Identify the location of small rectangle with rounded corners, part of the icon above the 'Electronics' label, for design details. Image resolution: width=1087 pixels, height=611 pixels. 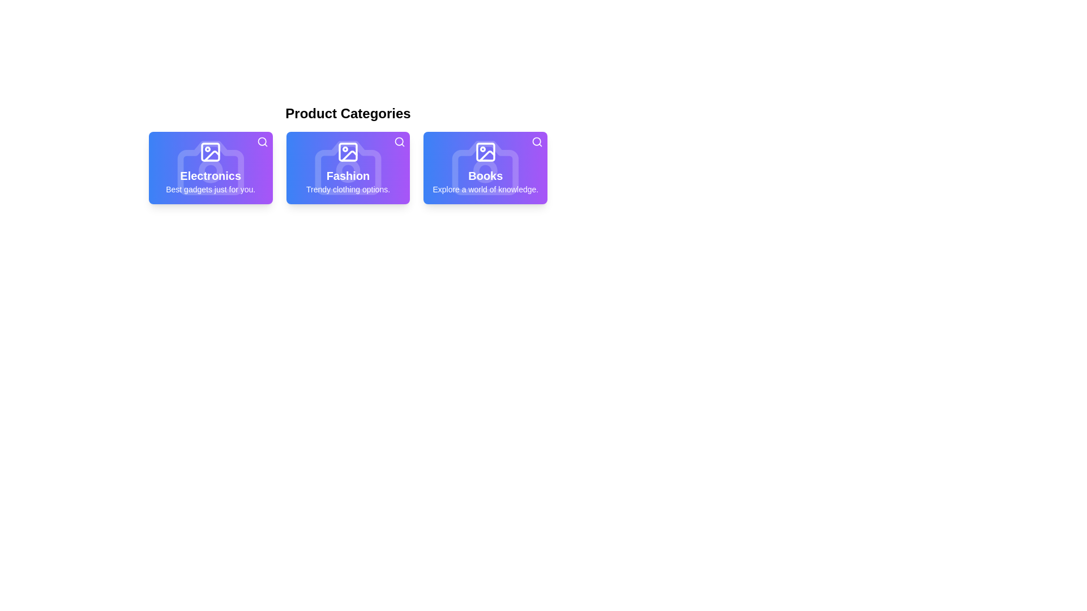
(211, 152).